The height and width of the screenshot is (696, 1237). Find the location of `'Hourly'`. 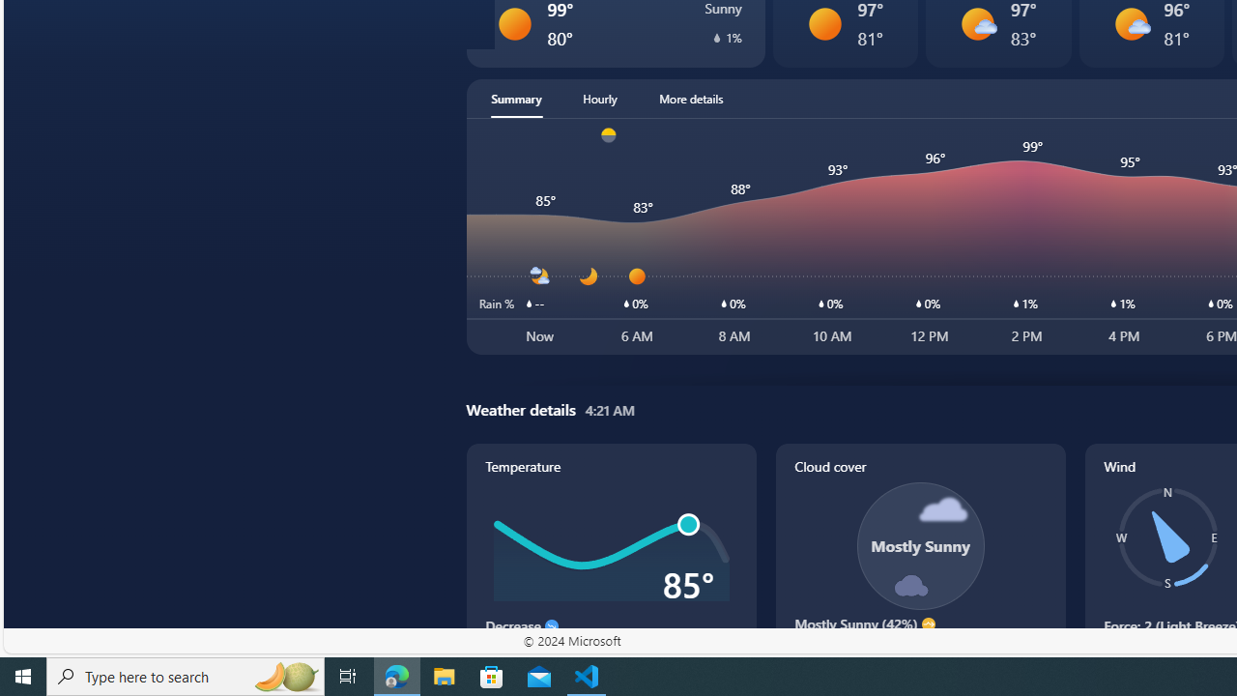

'Hourly' is located at coordinates (598, 98).